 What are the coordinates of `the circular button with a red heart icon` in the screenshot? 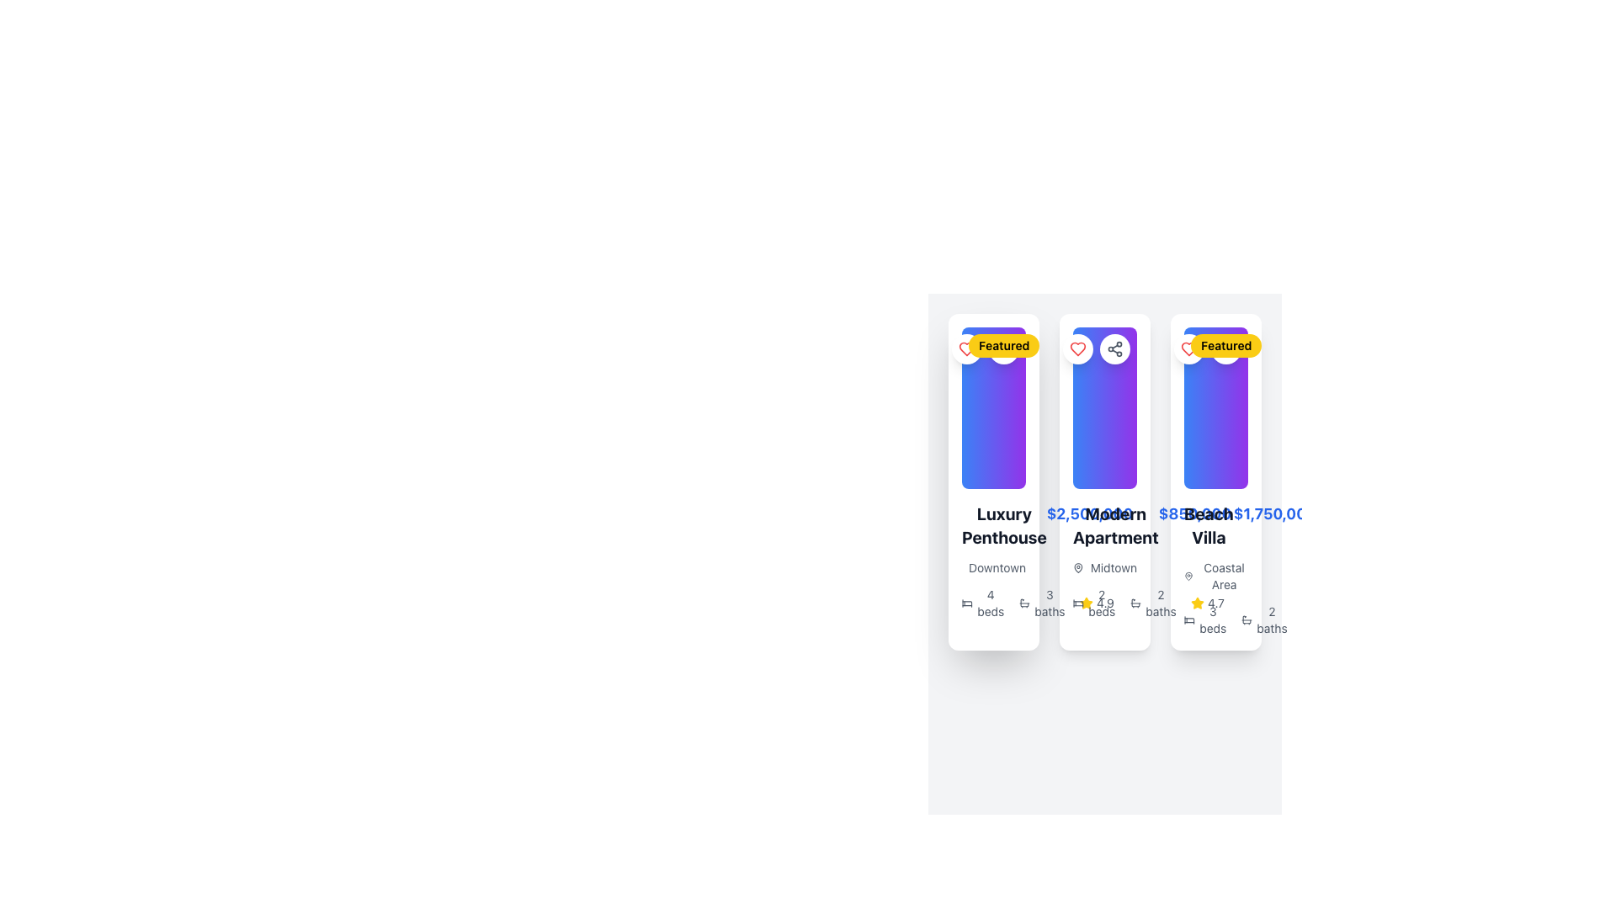 It's located at (1078, 348).